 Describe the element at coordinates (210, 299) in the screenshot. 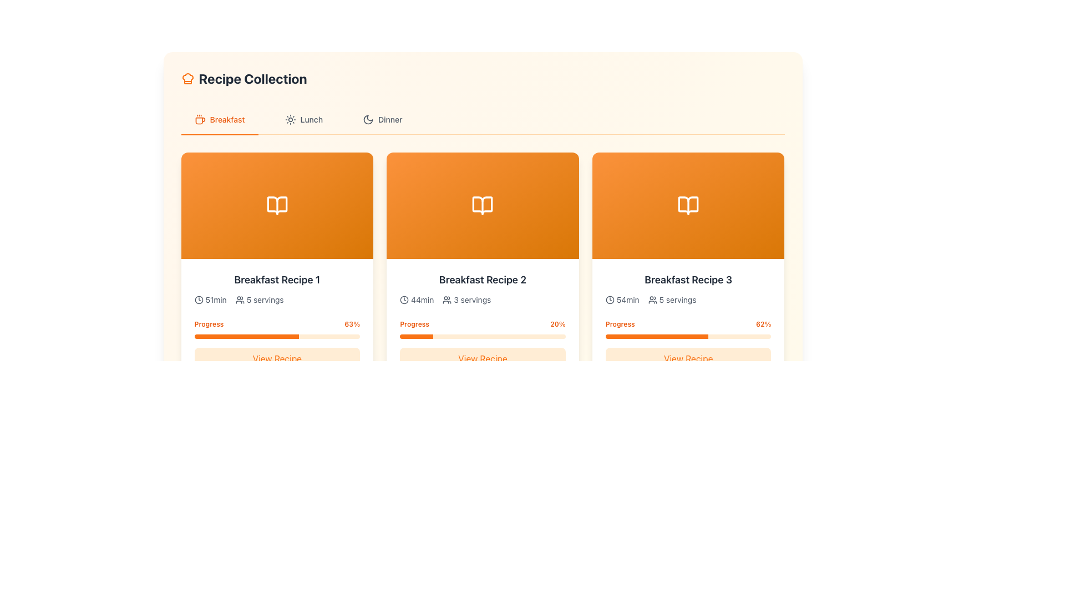

I see `the informational label indicating the recipe preparation time in the first recipe card, located at the top-left corner above the 'Progress' bar and 'View Recipe' button` at that location.